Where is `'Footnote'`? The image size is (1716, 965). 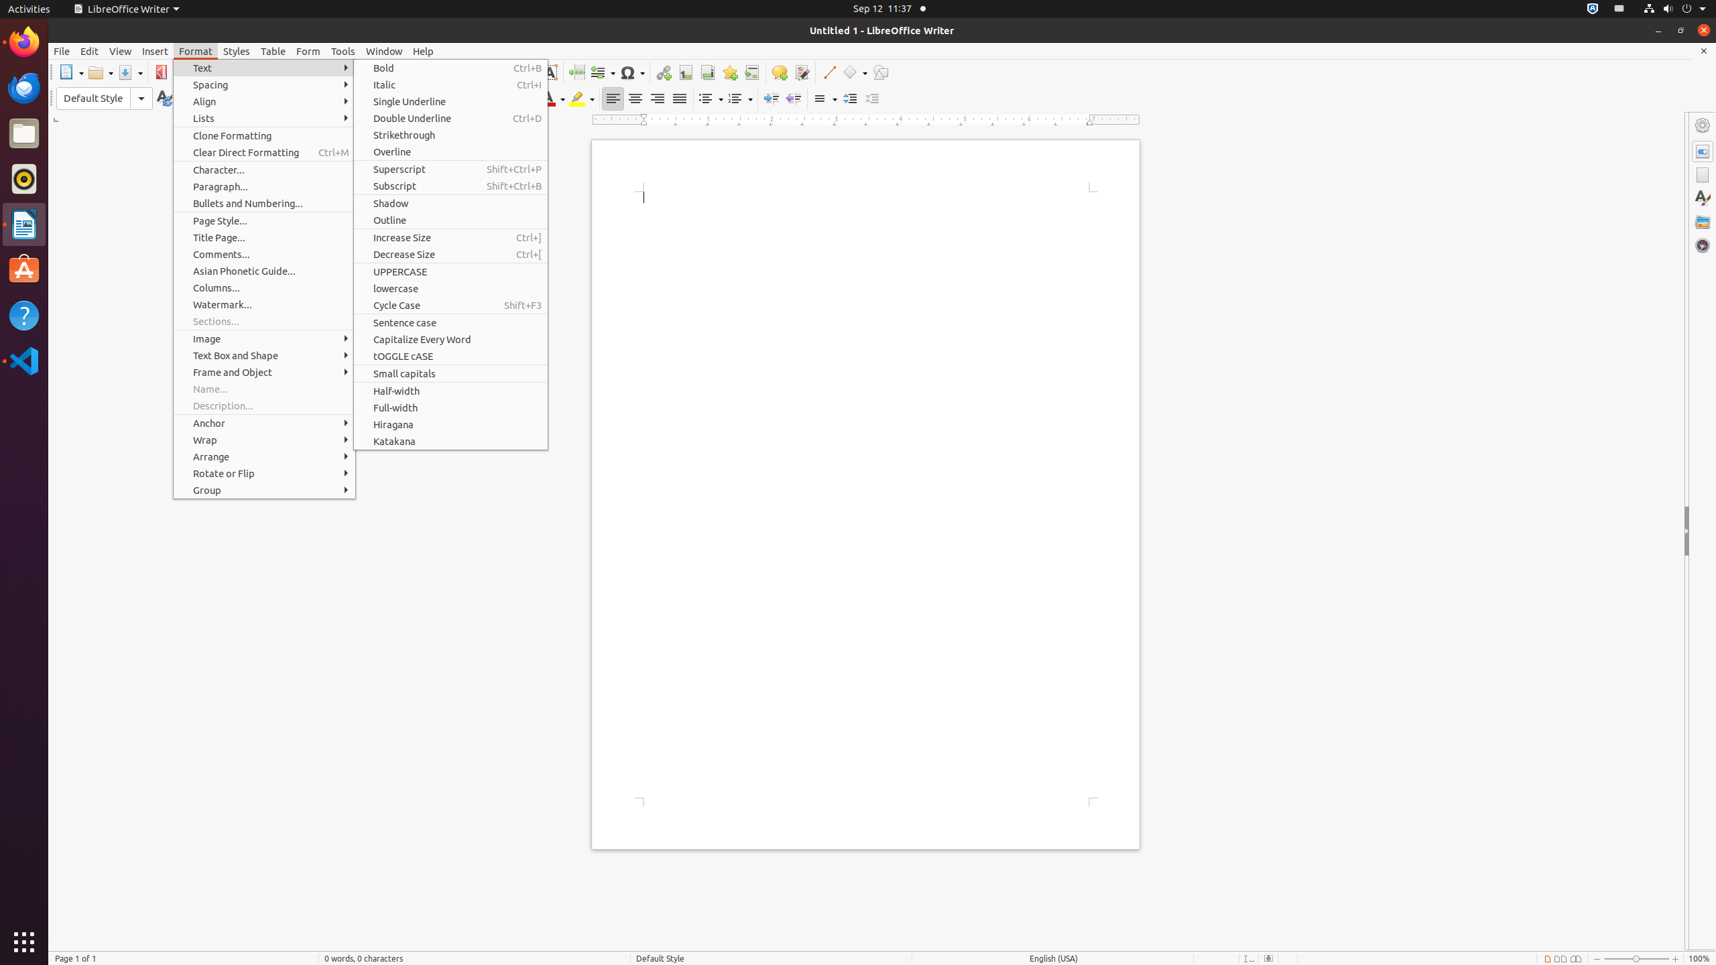 'Footnote' is located at coordinates (685, 72).